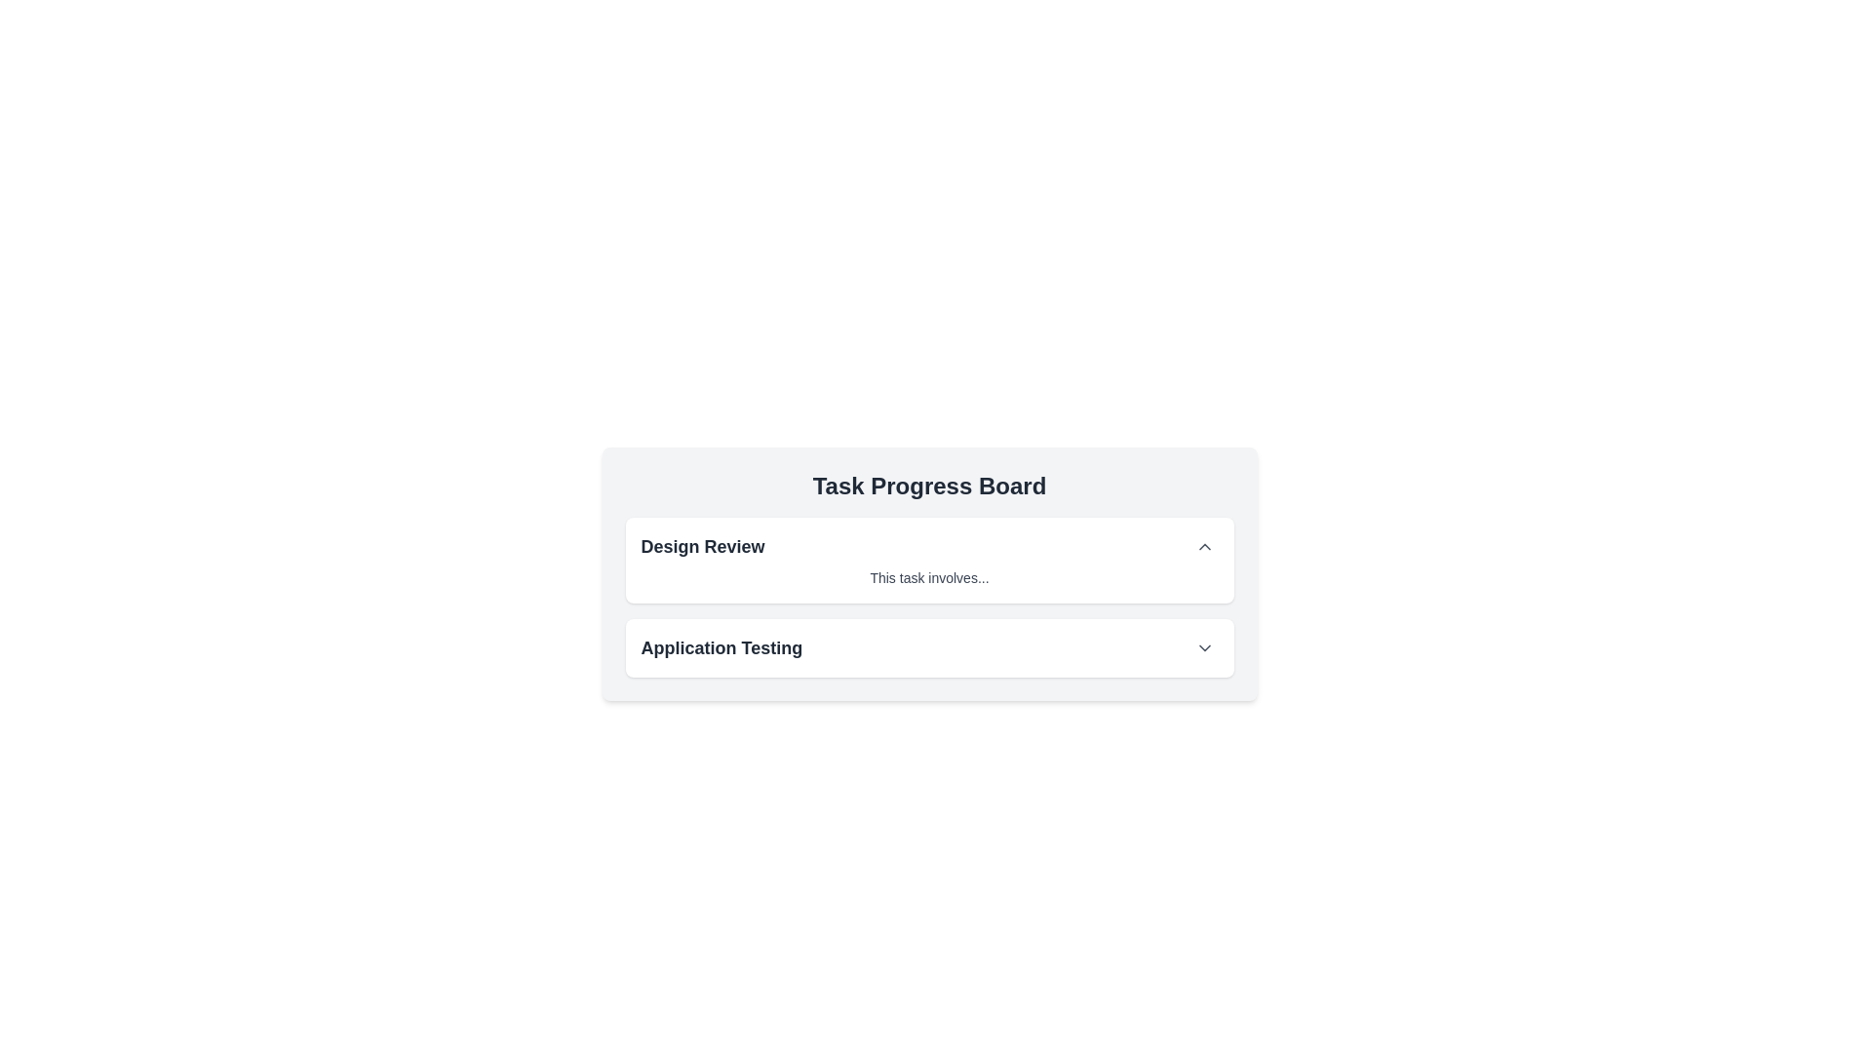 The width and height of the screenshot is (1872, 1053). What do you see at coordinates (1203, 647) in the screenshot?
I see `the downward-pointing chevron icon located at the right end of the 'Application Testing' task panel header` at bounding box center [1203, 647].